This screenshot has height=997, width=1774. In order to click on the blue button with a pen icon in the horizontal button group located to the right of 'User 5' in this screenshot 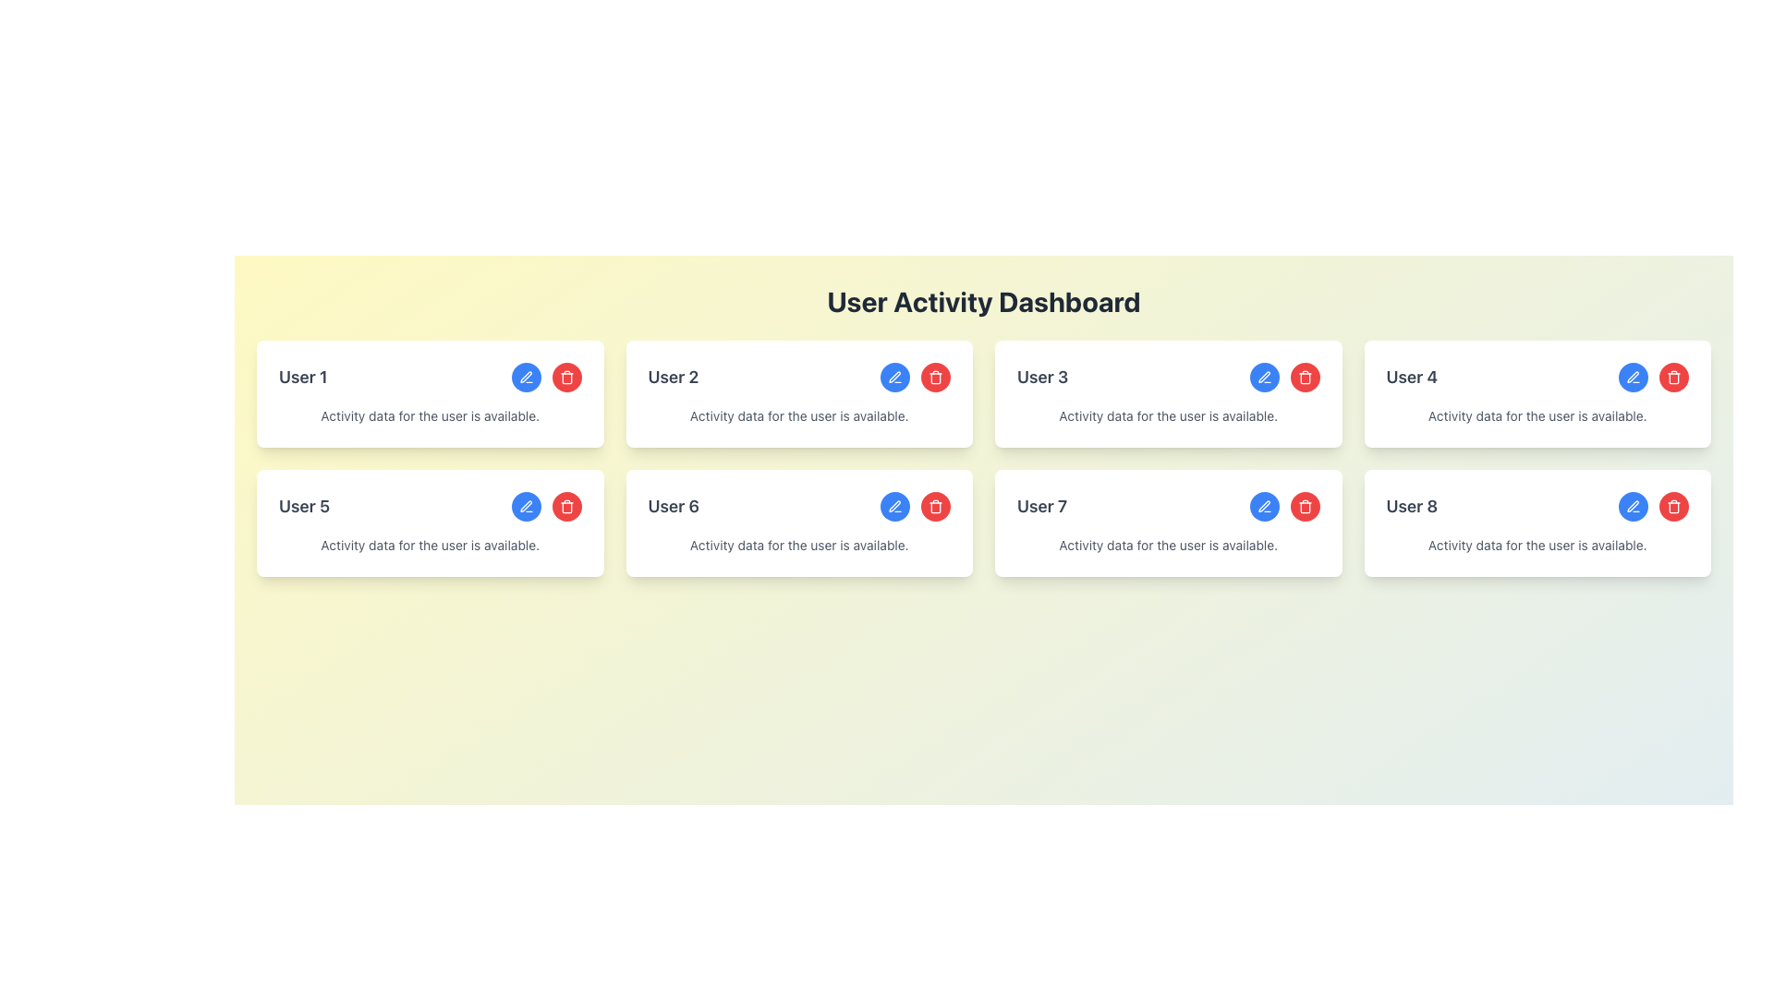, I will do `click(545, 506)`.